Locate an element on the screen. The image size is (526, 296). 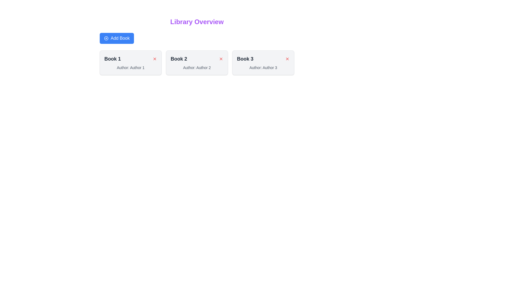
the circular component inside the blue 'Add Book' button, which has a thin border and is part of an icon is located at coordinates (106, 38).